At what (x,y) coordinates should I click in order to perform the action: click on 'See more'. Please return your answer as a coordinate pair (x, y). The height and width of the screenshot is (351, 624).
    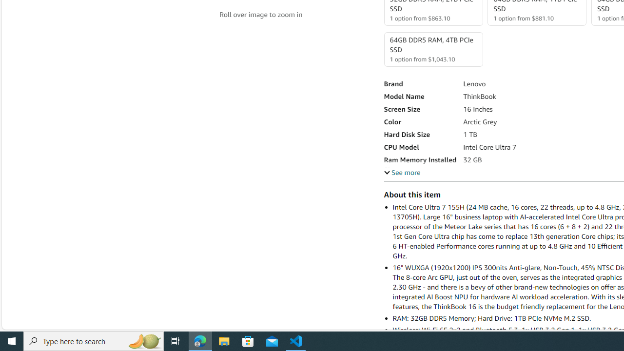
    Looking at the image, I should click on (402, 172).